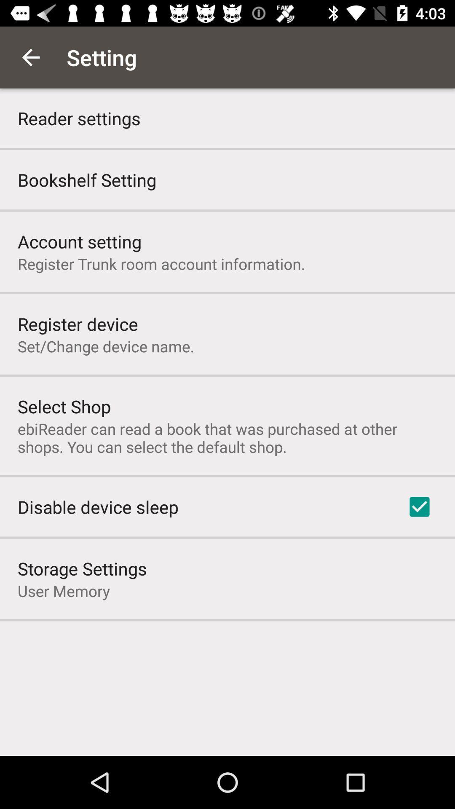  What do you see at coordinates (105, 346) in the screenshot?
I see `the set change device icon` at bounding box center [105, 346].